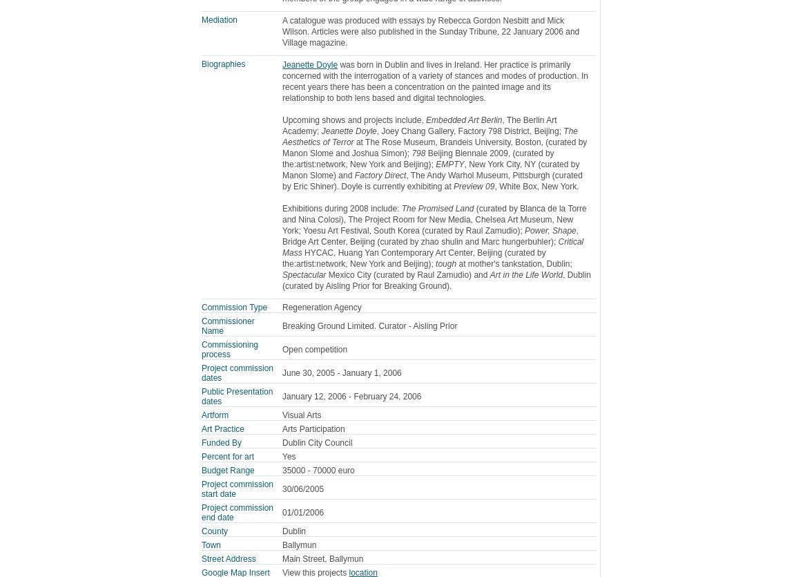  Describe the element at coordinates (463, 120) in the screenshot. I see `'Embedded Art Berlin'` at that location.